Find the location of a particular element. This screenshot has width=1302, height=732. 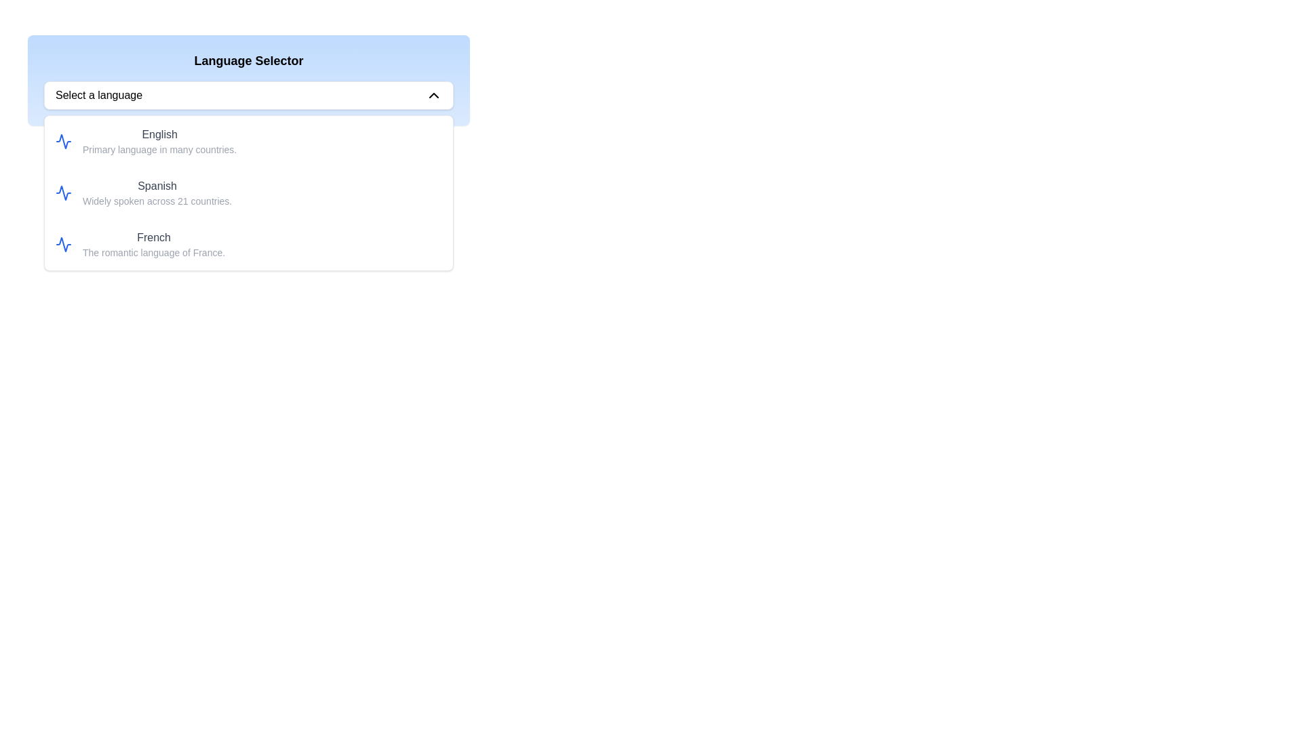

the blue waveform icon next to the 'Spanish' label in the language selector dropdown list is located at coordinates (63, 193).